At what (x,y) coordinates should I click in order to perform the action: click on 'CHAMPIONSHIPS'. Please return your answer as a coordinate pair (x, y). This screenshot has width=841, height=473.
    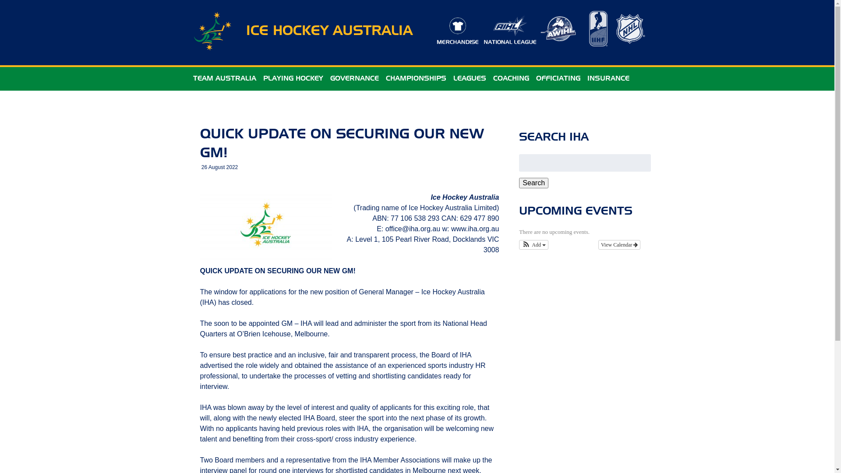
    Looking at the image, I should click on (415, 79).